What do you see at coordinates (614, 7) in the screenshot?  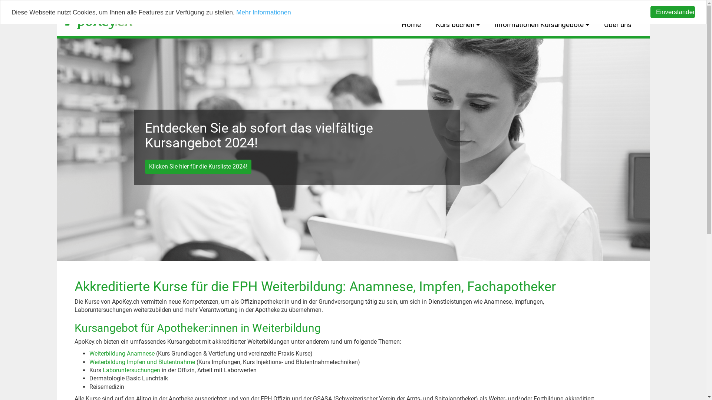 I see `'FR'` at bounding box center [614, 7].